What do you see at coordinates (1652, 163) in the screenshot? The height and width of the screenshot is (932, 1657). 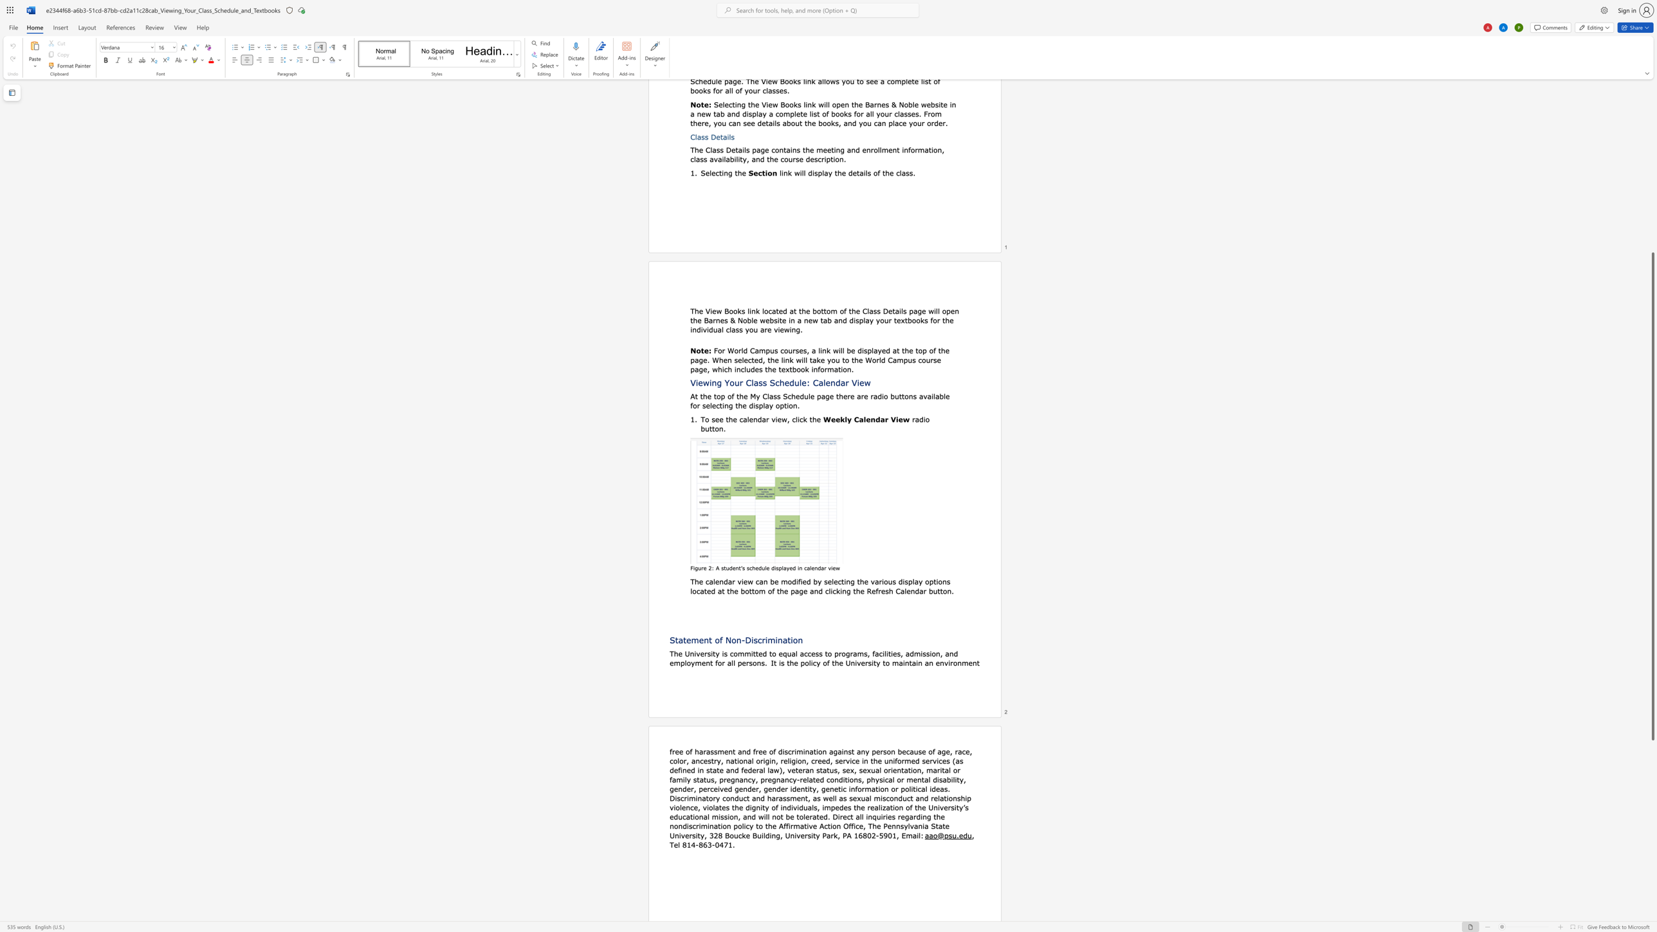 I see `the scrollbar on the side` at bounding box center [1652, 163].